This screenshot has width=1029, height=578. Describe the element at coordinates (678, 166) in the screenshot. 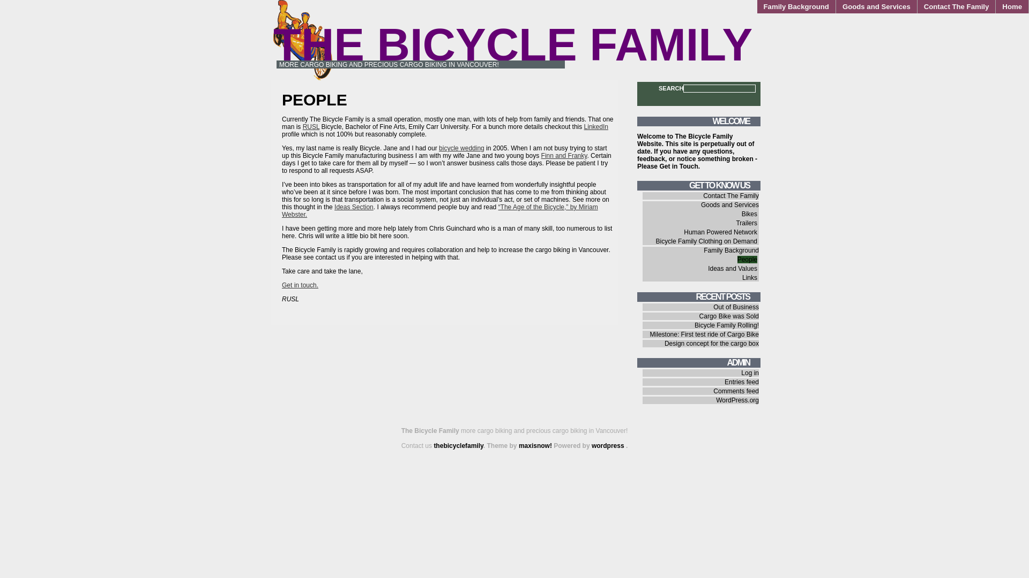

I see `'Get in Touch'` at that location.